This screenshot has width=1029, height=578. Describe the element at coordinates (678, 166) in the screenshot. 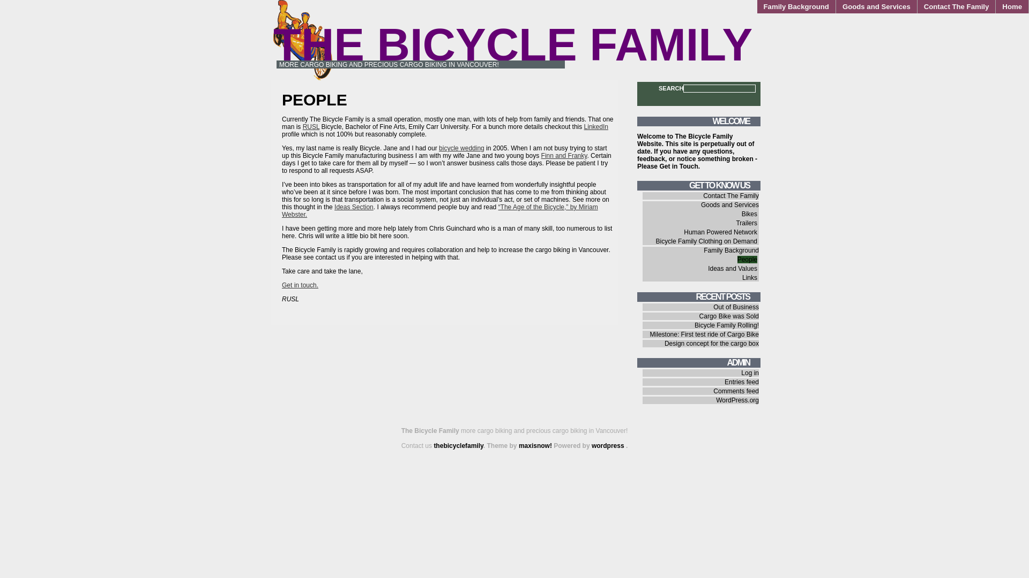

I see `'Get in Touch'` at that location.